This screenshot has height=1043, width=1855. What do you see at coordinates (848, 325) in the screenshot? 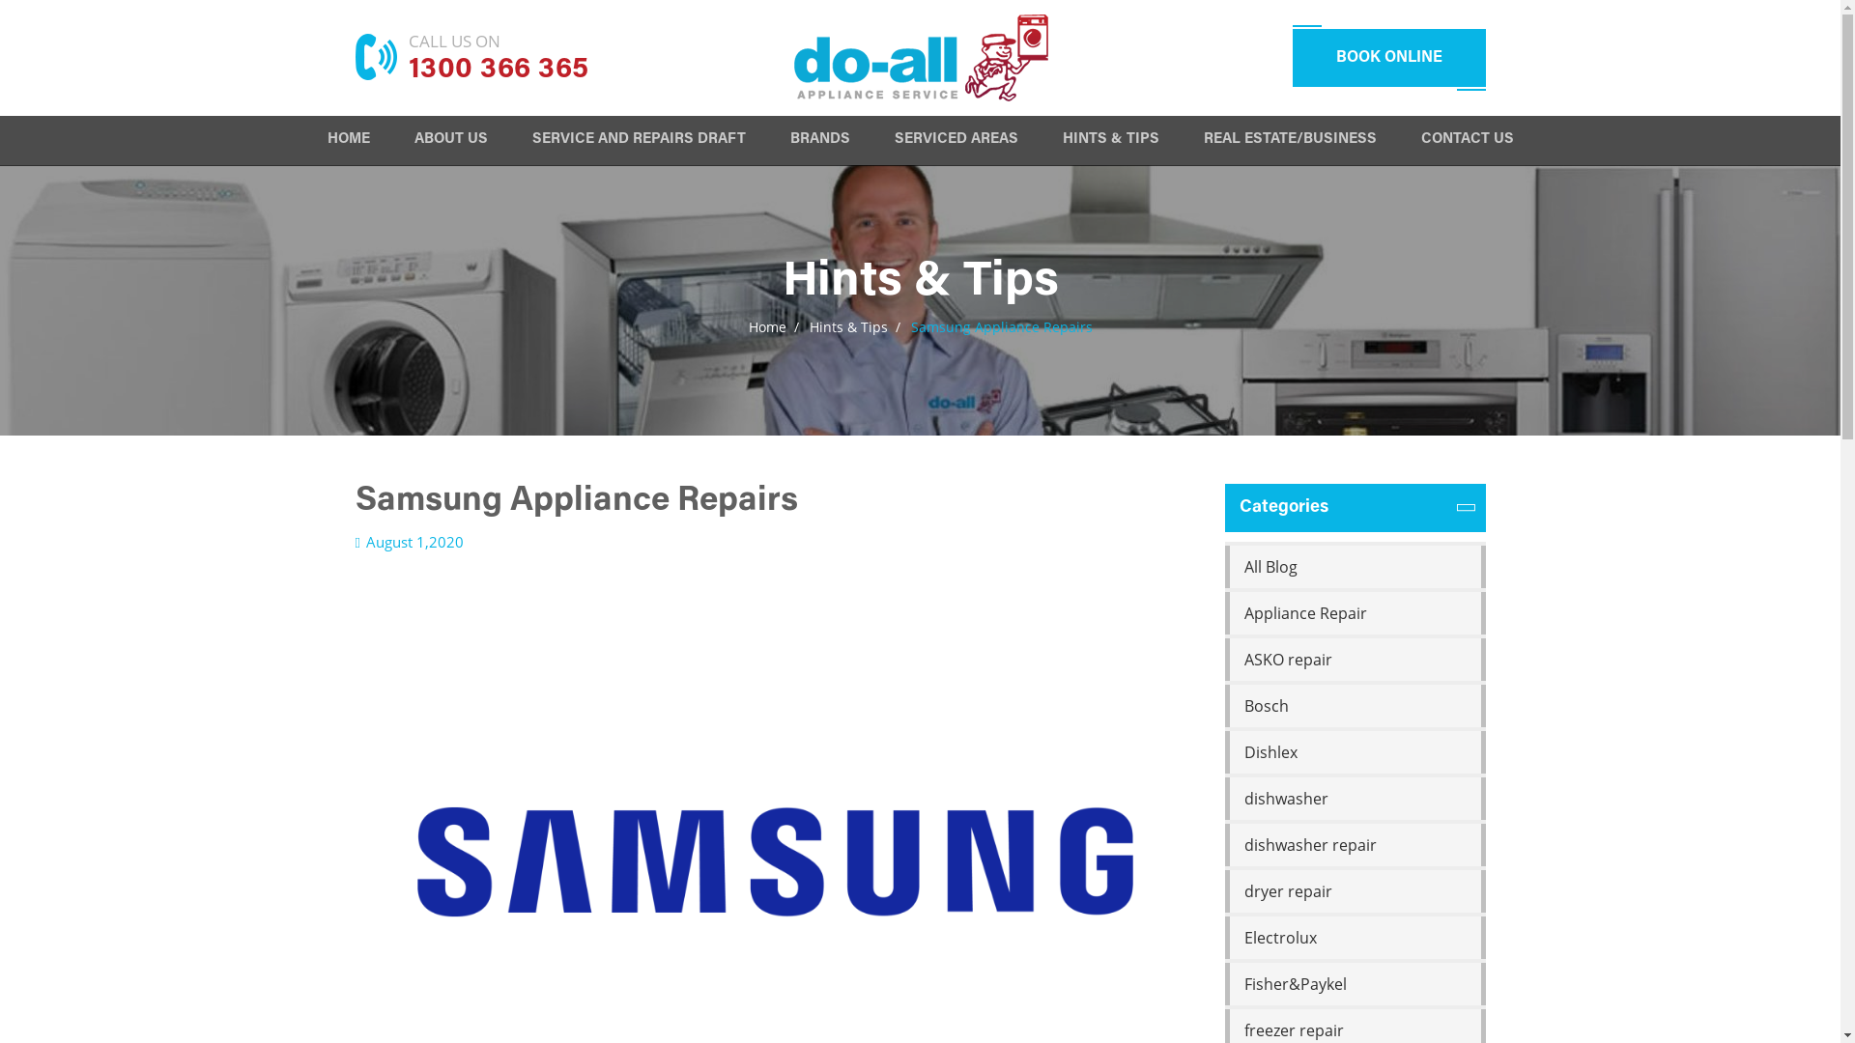
I see `'Hints & Tips'` at bounding box center [848, 325].